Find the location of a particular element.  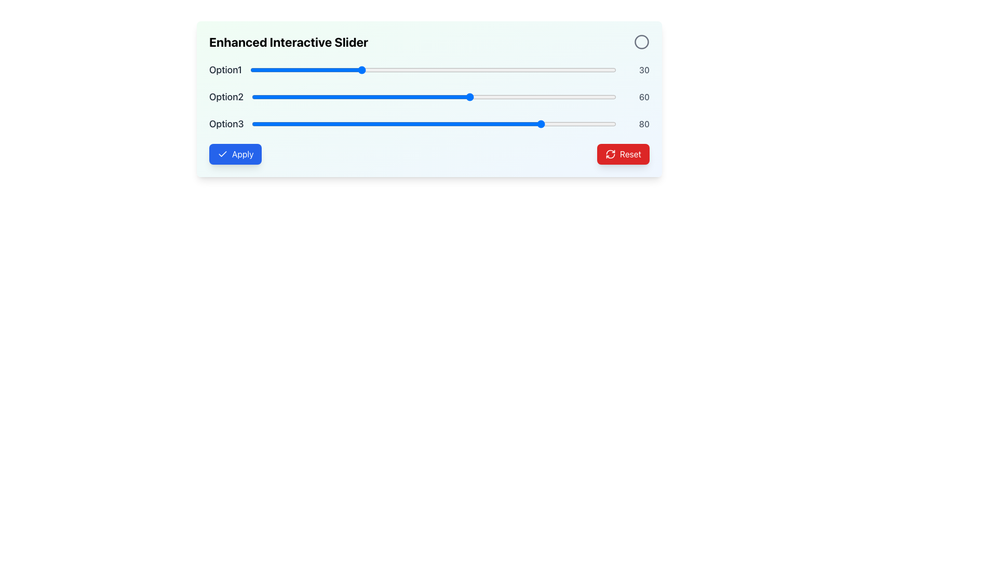

slider is located at coordinates (291, 97).